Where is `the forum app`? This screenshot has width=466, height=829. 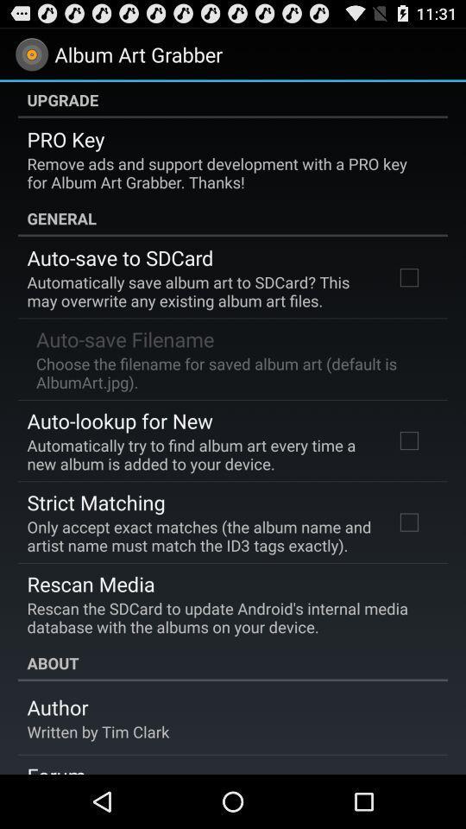 the forum app is located at coordinates (56, 767).